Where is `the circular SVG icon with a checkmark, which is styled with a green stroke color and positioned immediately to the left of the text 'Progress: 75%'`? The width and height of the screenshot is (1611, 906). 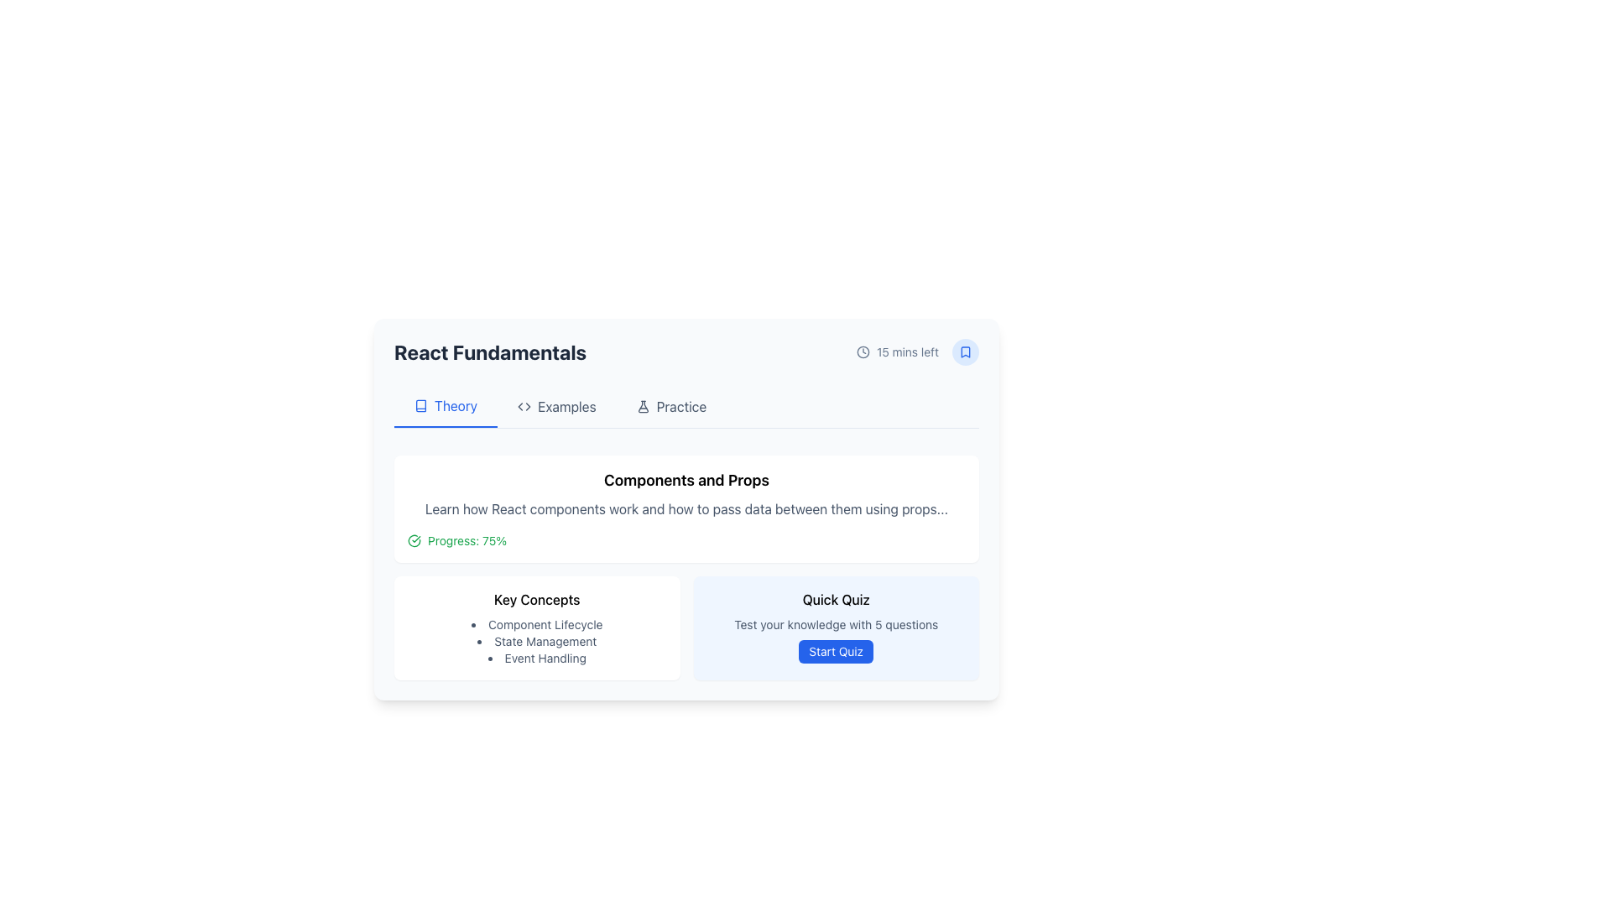 the circular SVG icon with a checkmark, which is styled with a green stroke color and positioned immediately to the left of the text 'Progress: 75%' is located at coordinates (414, 540).